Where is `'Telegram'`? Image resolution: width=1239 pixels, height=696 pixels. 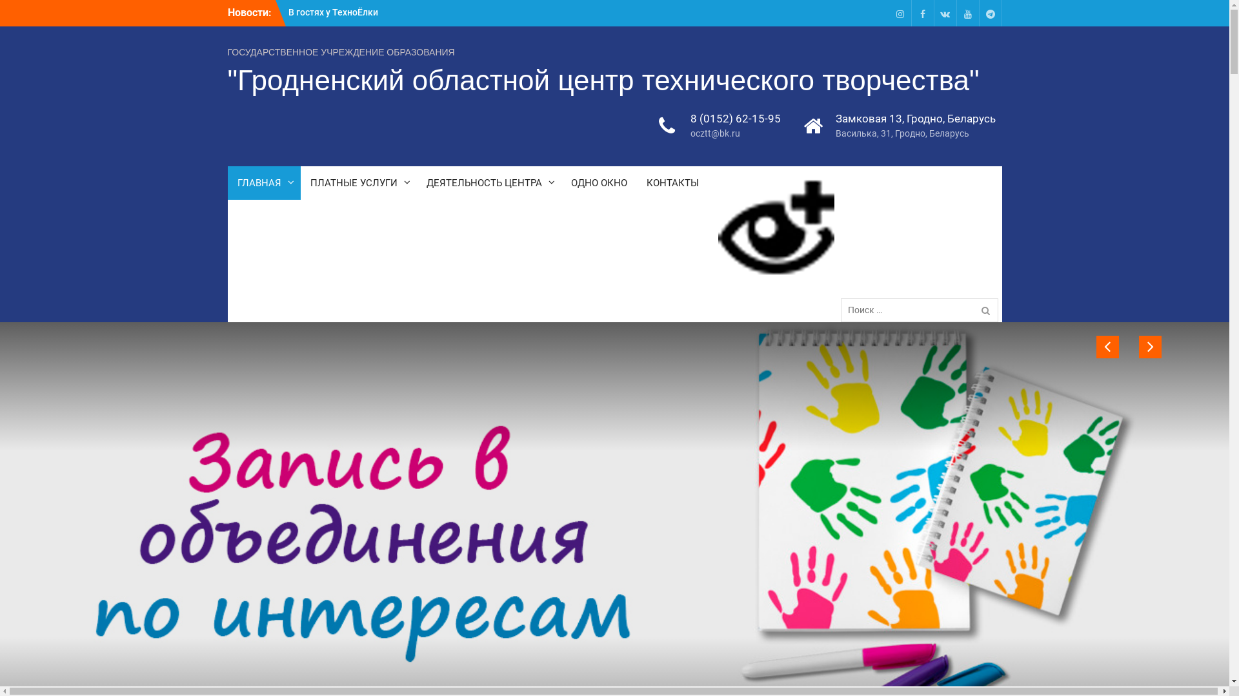
'Telegram' is located at coordinates (989, 13).